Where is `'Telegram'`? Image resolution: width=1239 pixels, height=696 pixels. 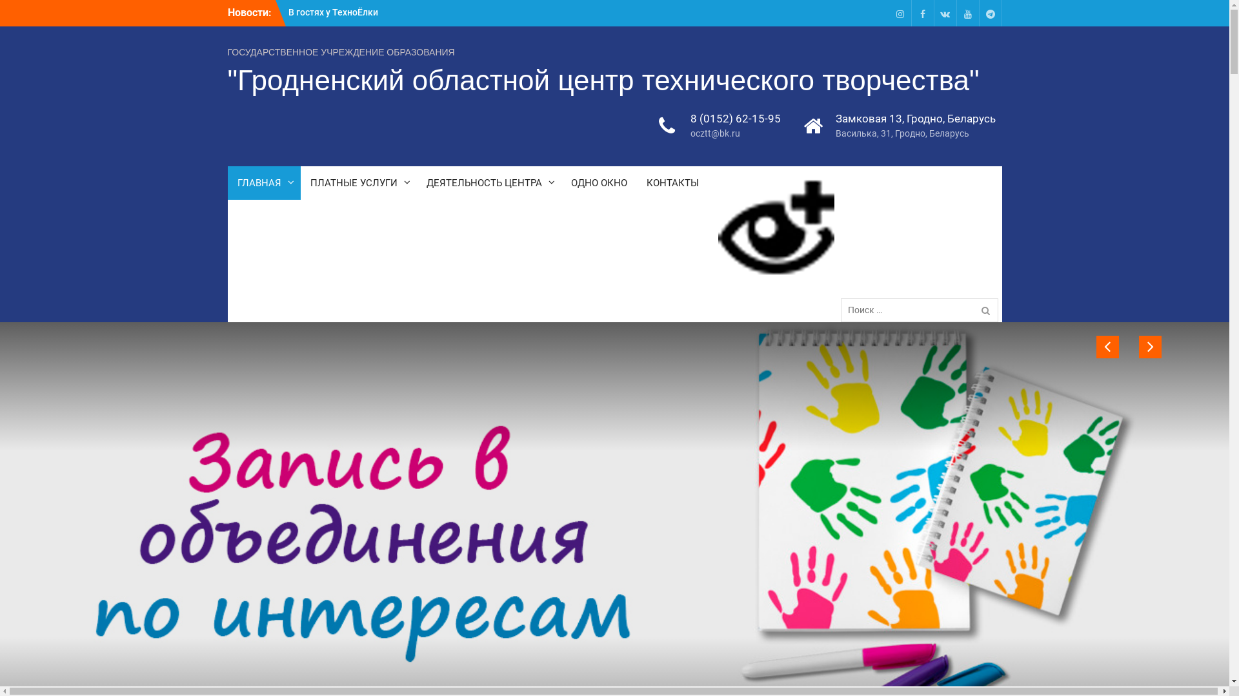
'Telegram' is located at coordinates (989, 13).